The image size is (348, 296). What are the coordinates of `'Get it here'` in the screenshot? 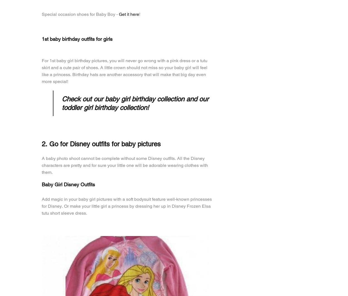 It's located at (129, 14).